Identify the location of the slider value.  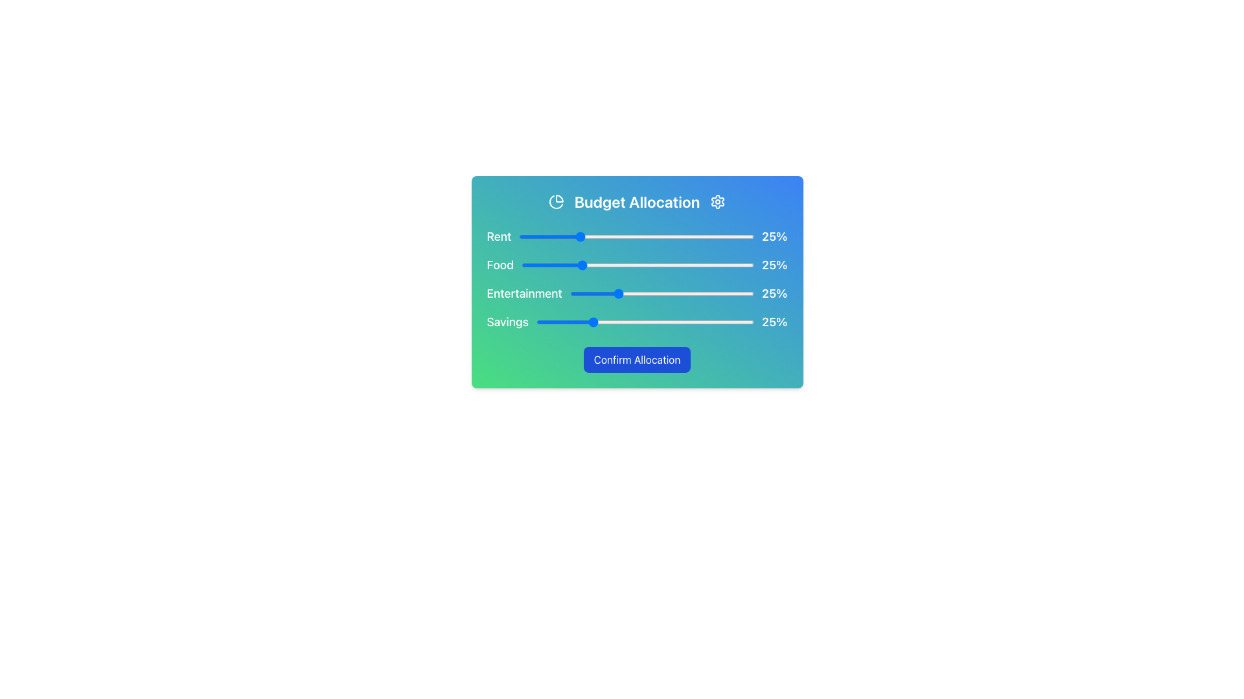
(749, 237).